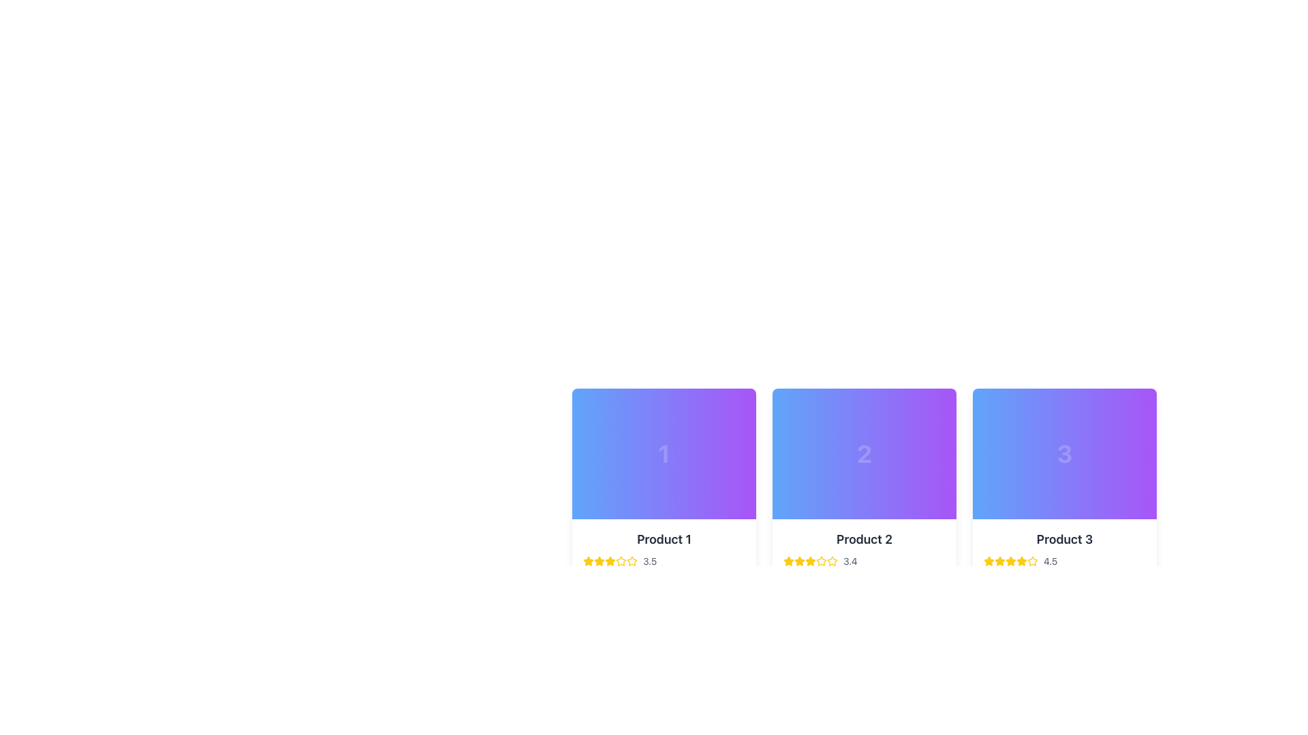  I want to click on the second star in the 5-star rating system for 'Product 2' to provide rating feedback, so click(820, 561).